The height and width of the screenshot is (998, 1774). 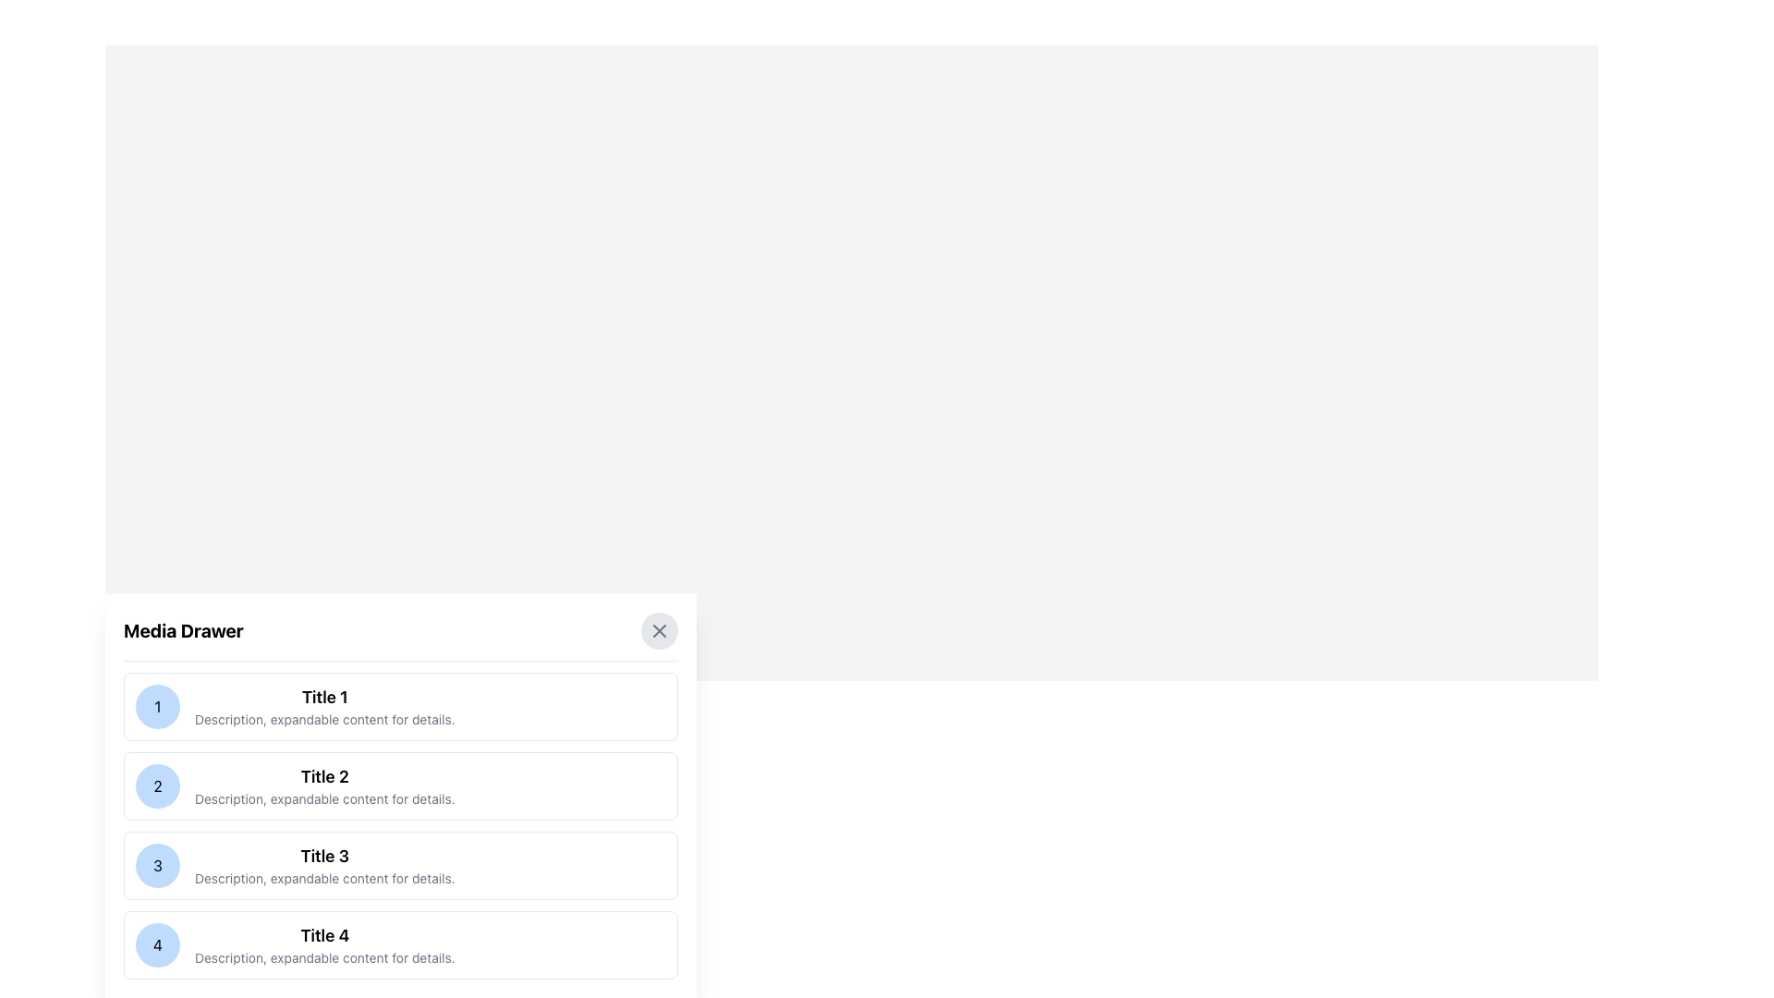 What do you see at coordinates (324, 957) in the screenshot?
I see `the static text label that provides additional details for the 'Title 4' heading, located directly below it in the vertically arranged list` at bounding box center [324, 957].